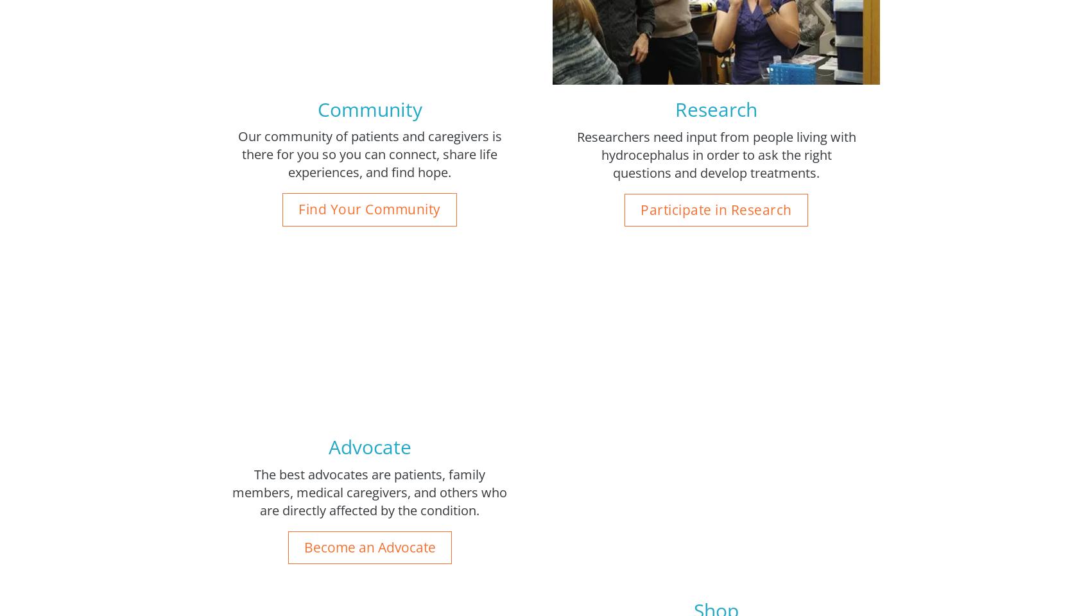  Describe the element at coordinates (716, 154) in the screenshot. I see `'Researchers need input from people living with hydrocephalus in order to ask the right questions and develop treatments.'` at that location.